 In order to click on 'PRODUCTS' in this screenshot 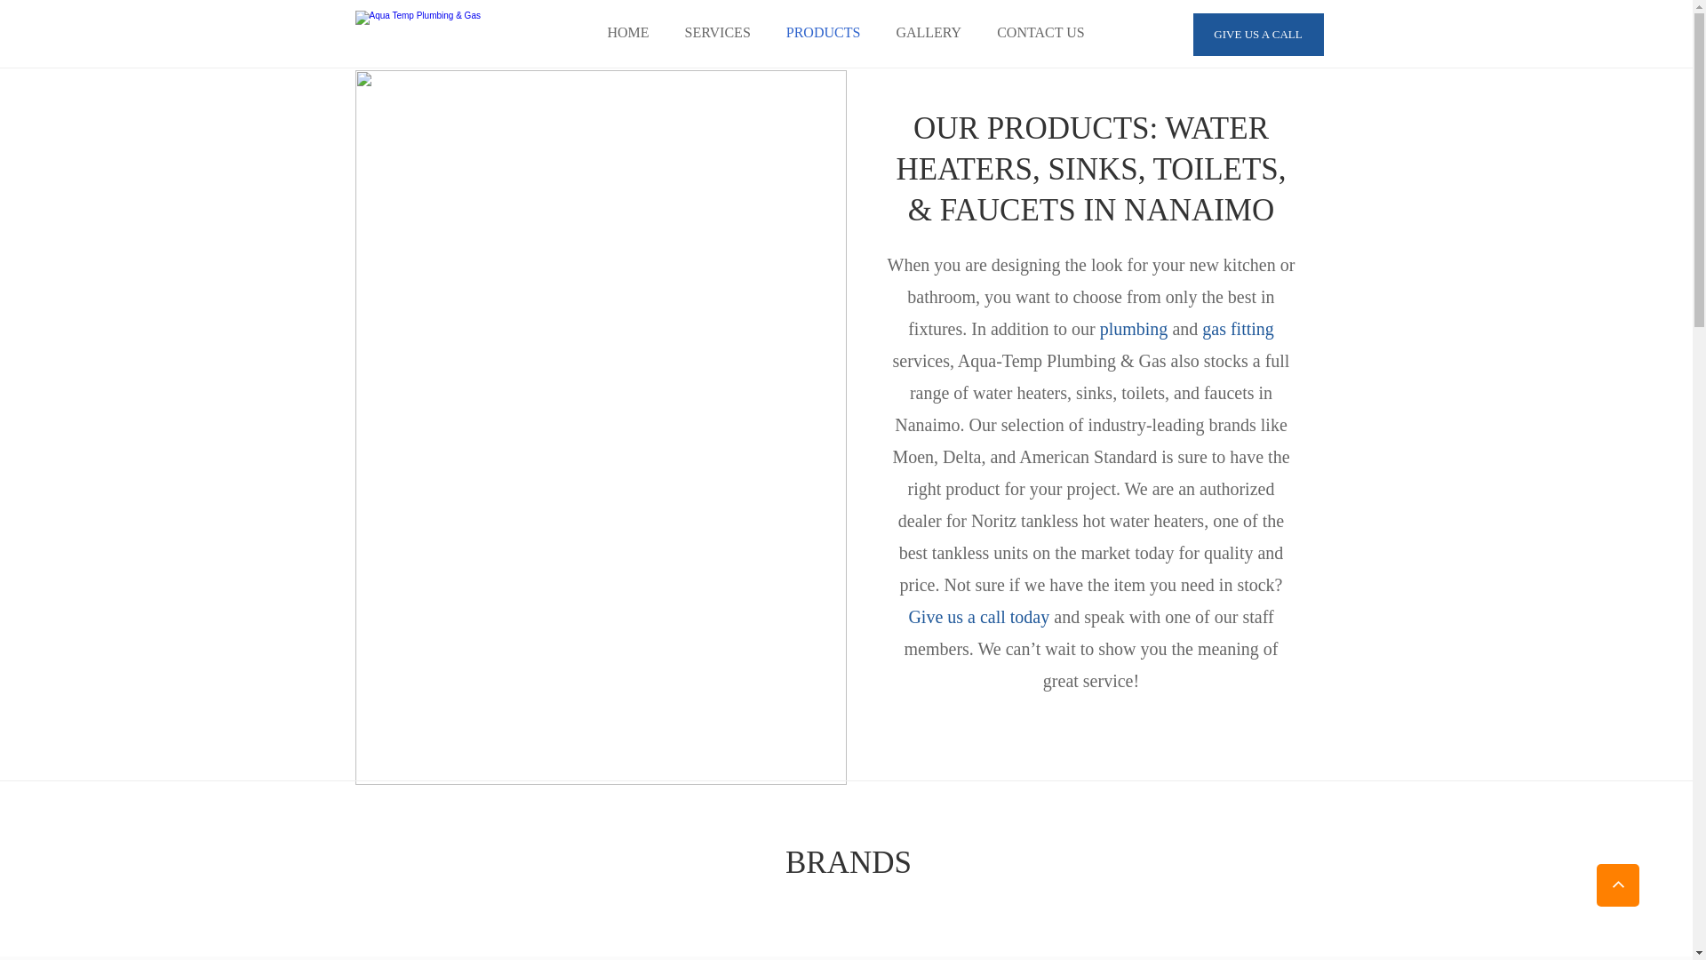, I will do `click(822, 33)`.